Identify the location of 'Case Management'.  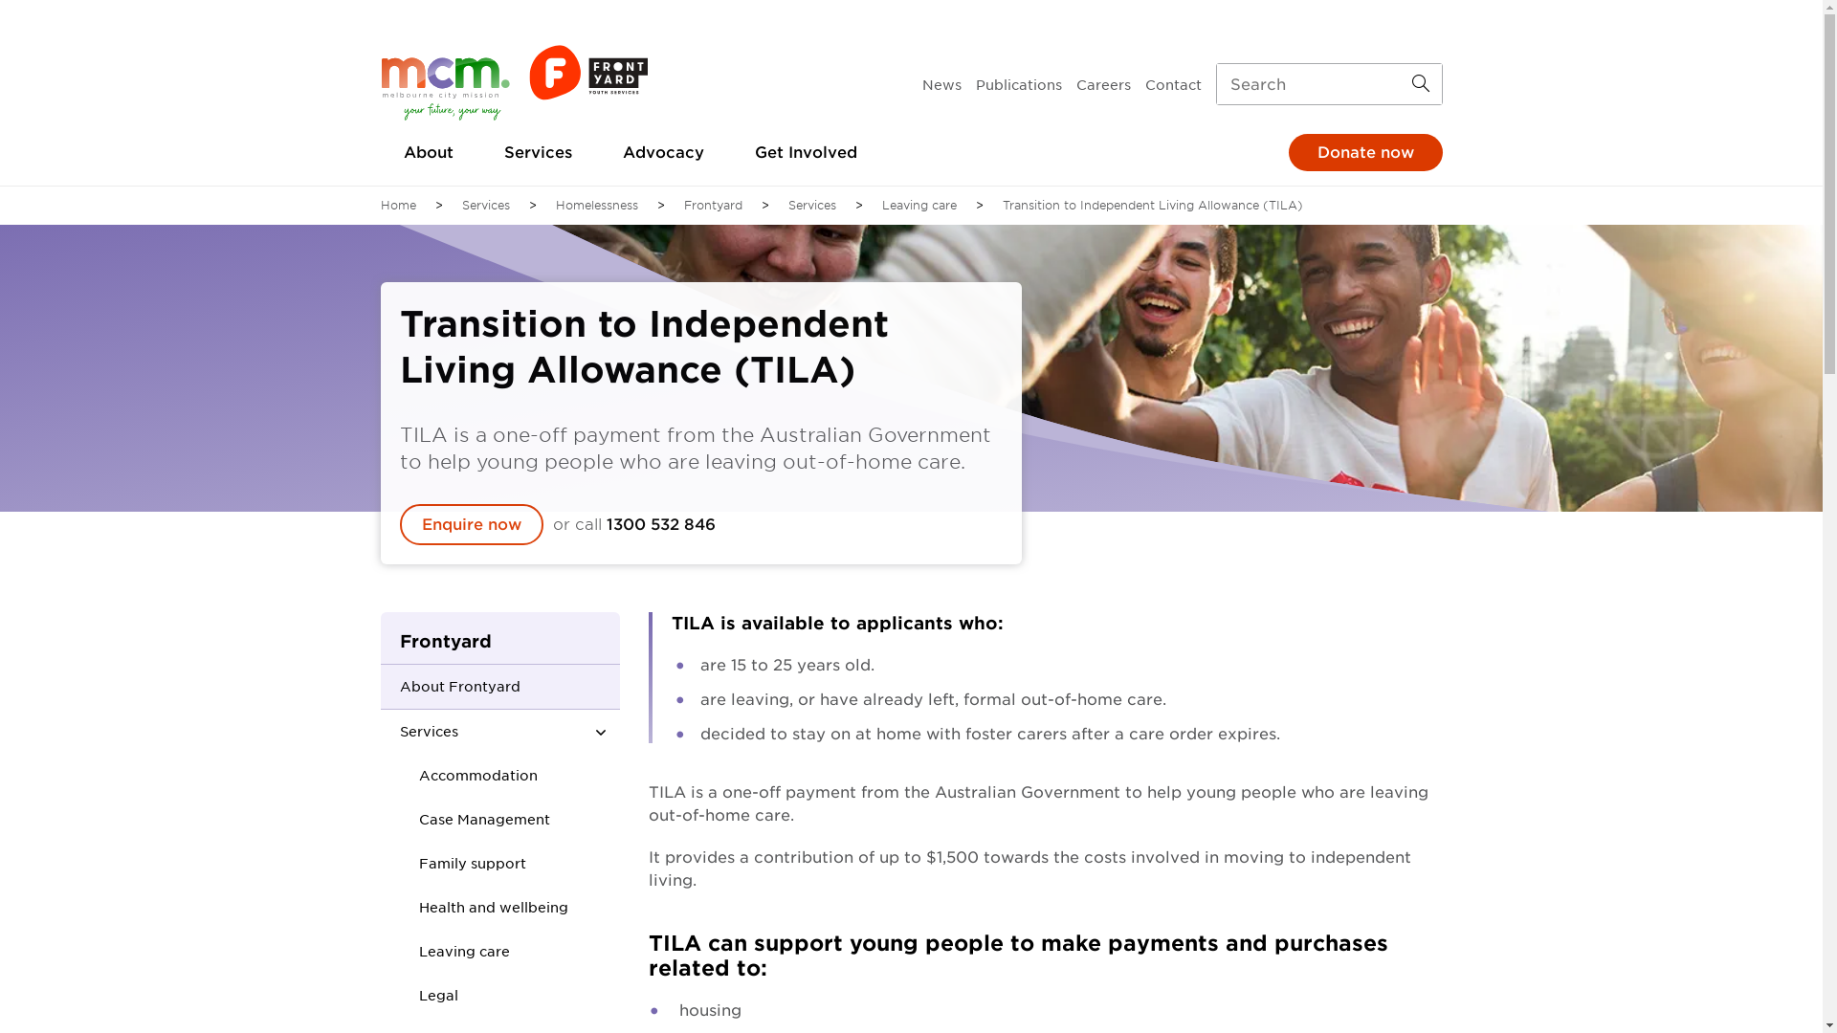
(381, 818).